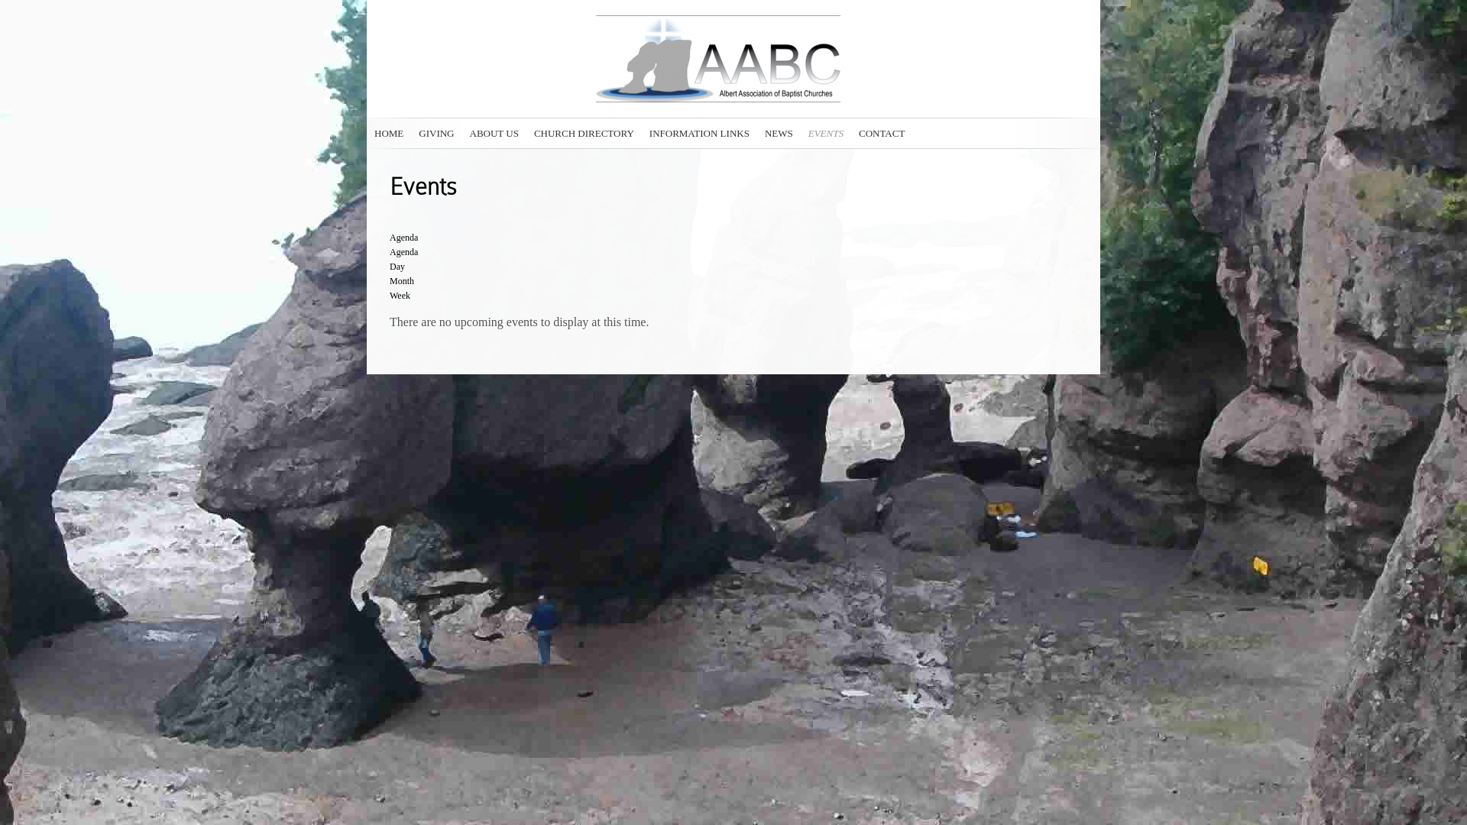  What do you see at coordinates (403, 251) in the screenshot?
I see `'Agenda'` at bounding box center [403, 251].